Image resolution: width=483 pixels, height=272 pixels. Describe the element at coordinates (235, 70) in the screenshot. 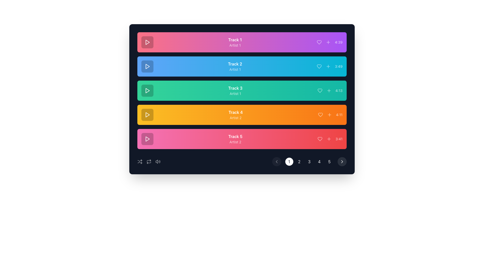

I see `the text label displaying 'Artist 1' which is located within a blue background bar below 'Track 2'` at that location.